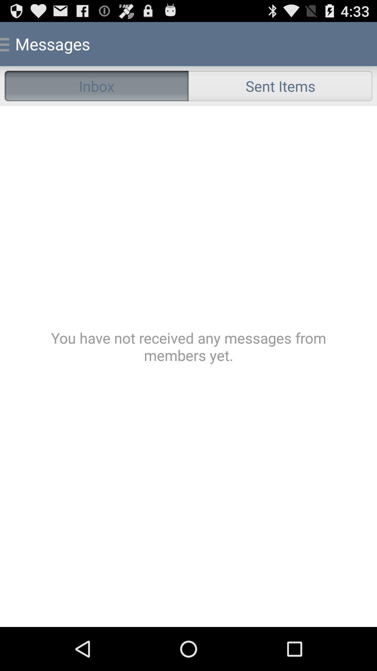  I want to click on check available messages, so click(188, 366).